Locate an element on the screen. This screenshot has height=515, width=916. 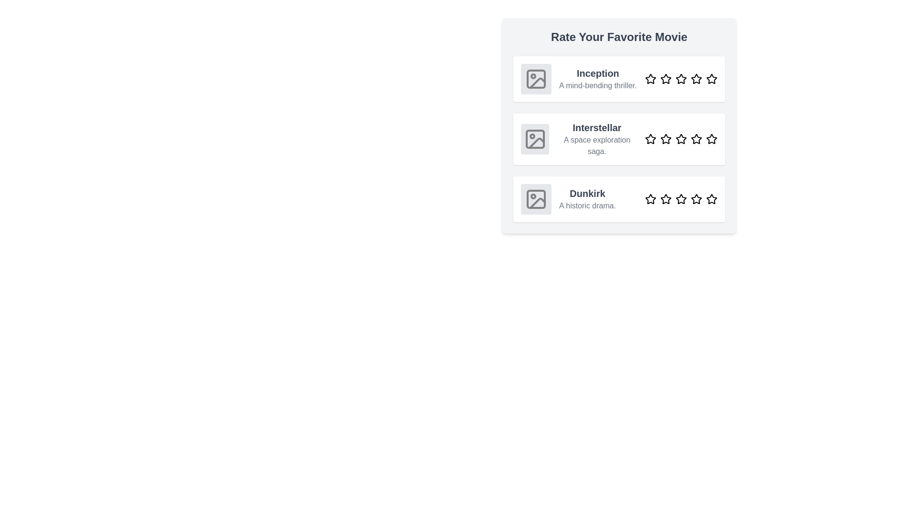
the third star icon in the rating selection for 'Dunkirk: A historic drama' is located at coordinates (681, 198).